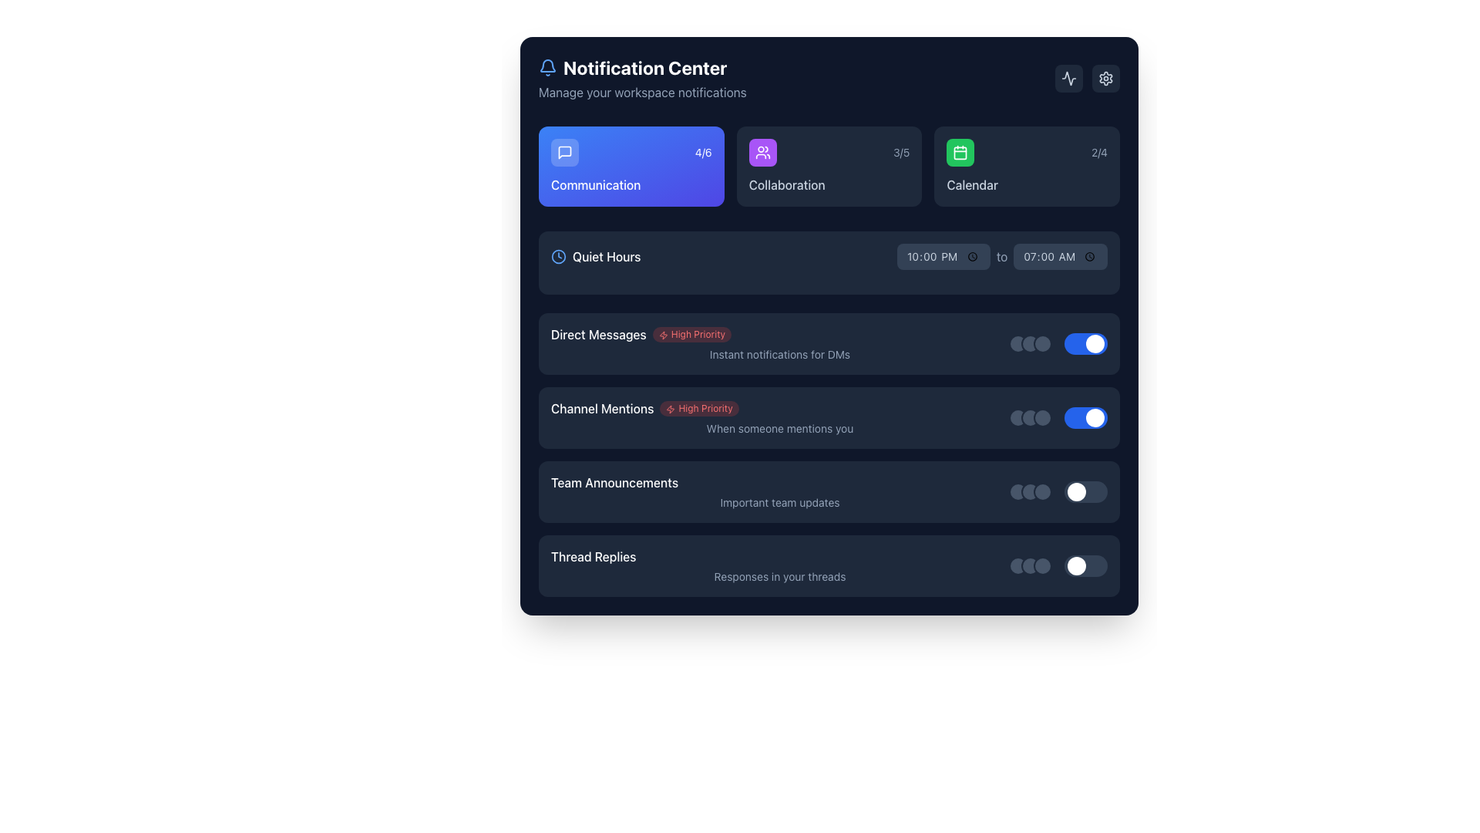  Describe the element at coordinates (1057, 343) in the screenshot. I see `the interactive toggle switch component for 'Direct Messages'` at that location.